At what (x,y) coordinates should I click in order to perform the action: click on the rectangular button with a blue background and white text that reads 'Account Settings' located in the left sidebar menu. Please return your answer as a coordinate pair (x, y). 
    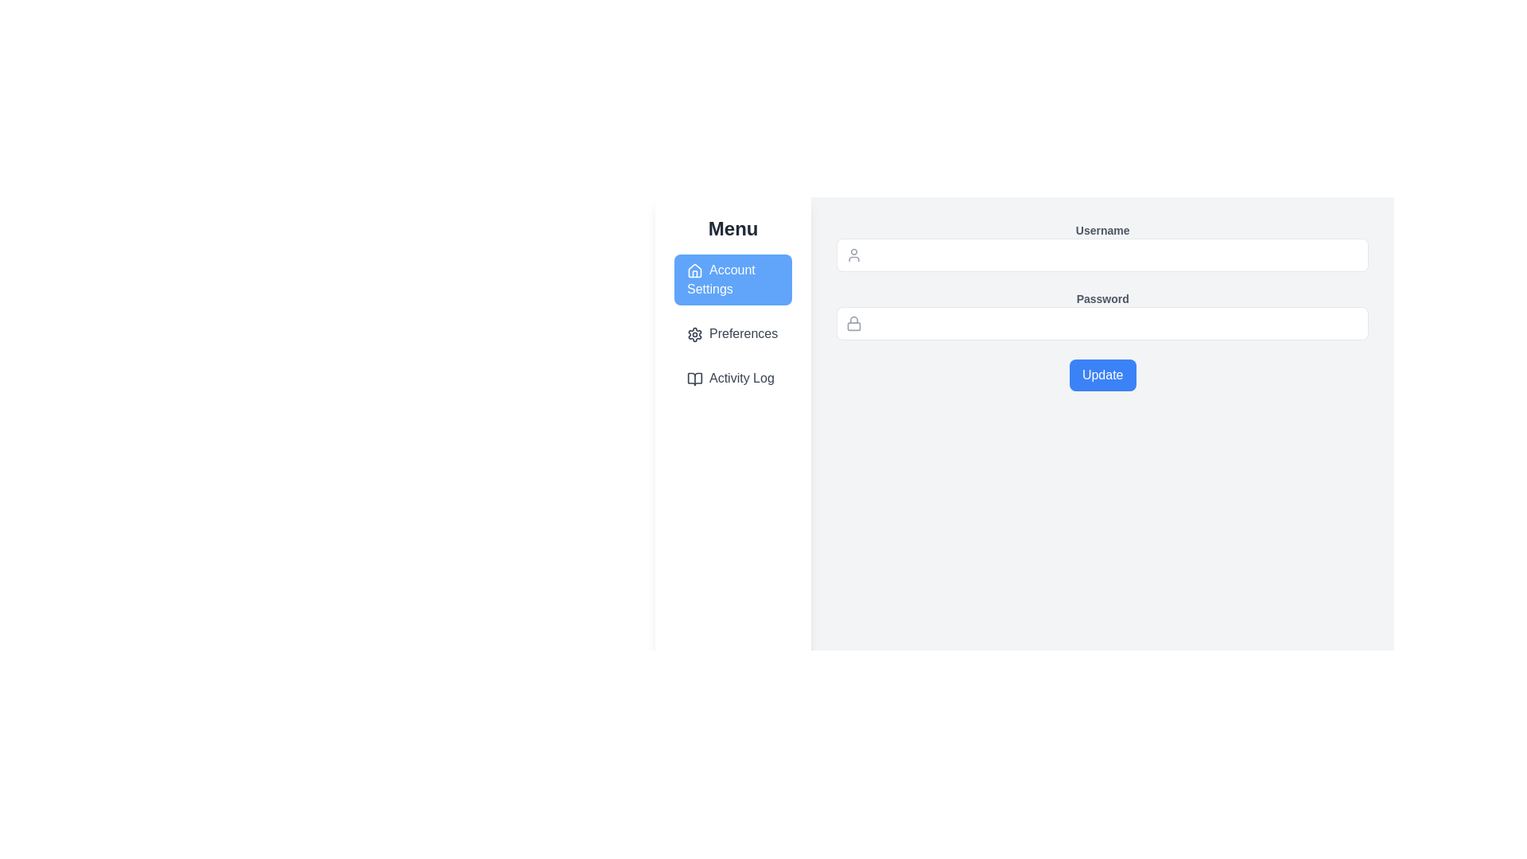
    Looking at the image, I should click on (732, 278).